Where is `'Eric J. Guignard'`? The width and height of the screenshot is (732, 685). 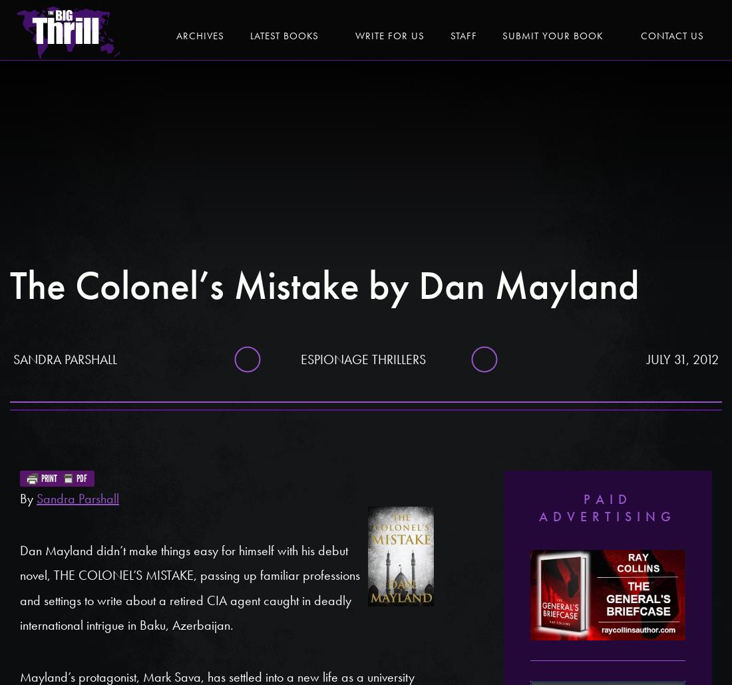 'Eric J. Guignard' is located at coordinates (608, 24).